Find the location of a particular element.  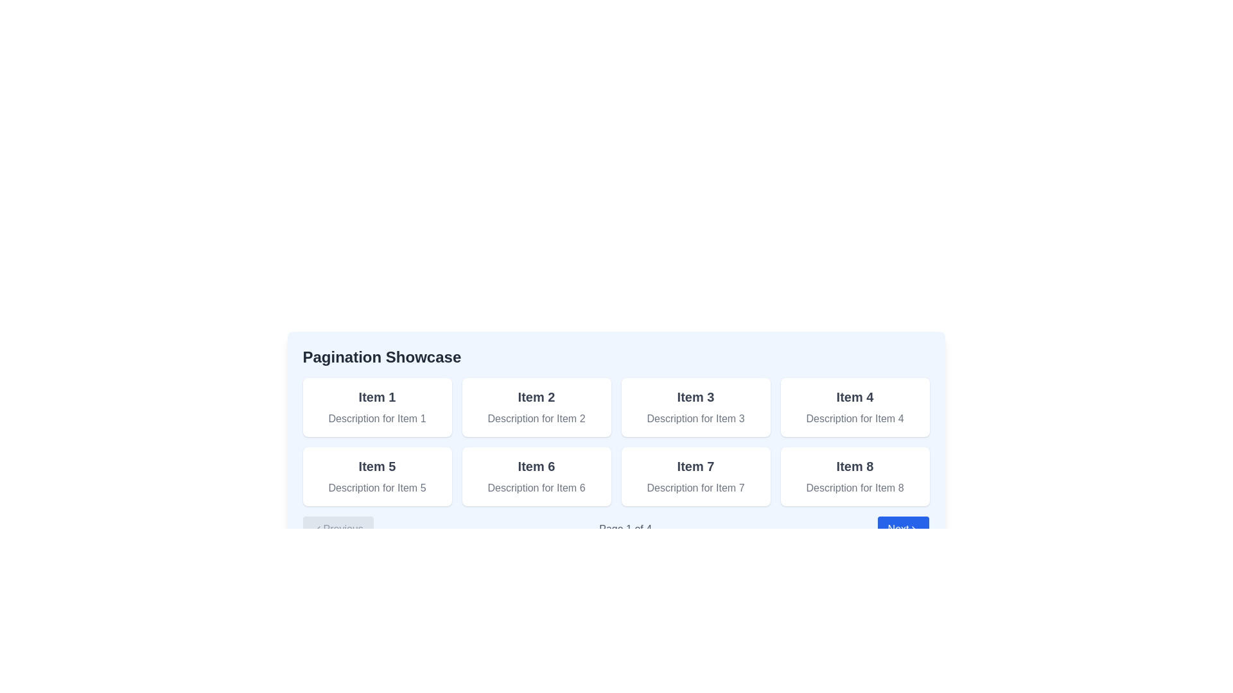

the text label element that displays 'Description for Item 2', located below the title in the card labeled 'Item 2' is located at coordinates (536, 418).